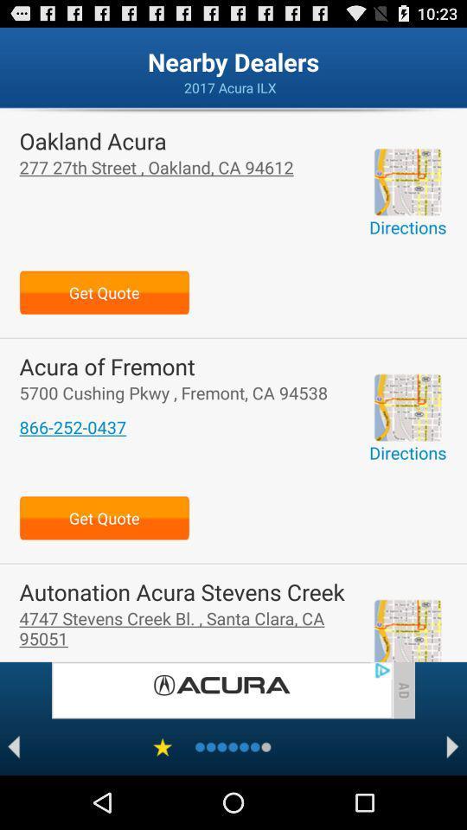 This screenshot has width=467, height=830. Describe the element at coordinates (407, 407) in the screenshot. I see `search directions` at that location.